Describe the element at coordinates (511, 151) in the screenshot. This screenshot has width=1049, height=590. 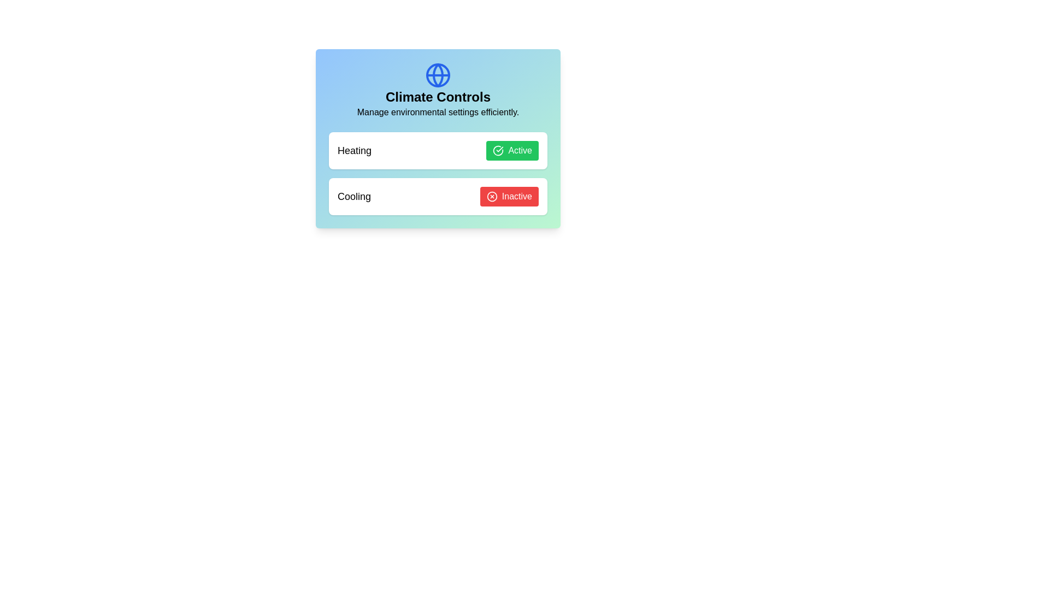
I see `the button labeled Active to observe its hover effect` at that location.